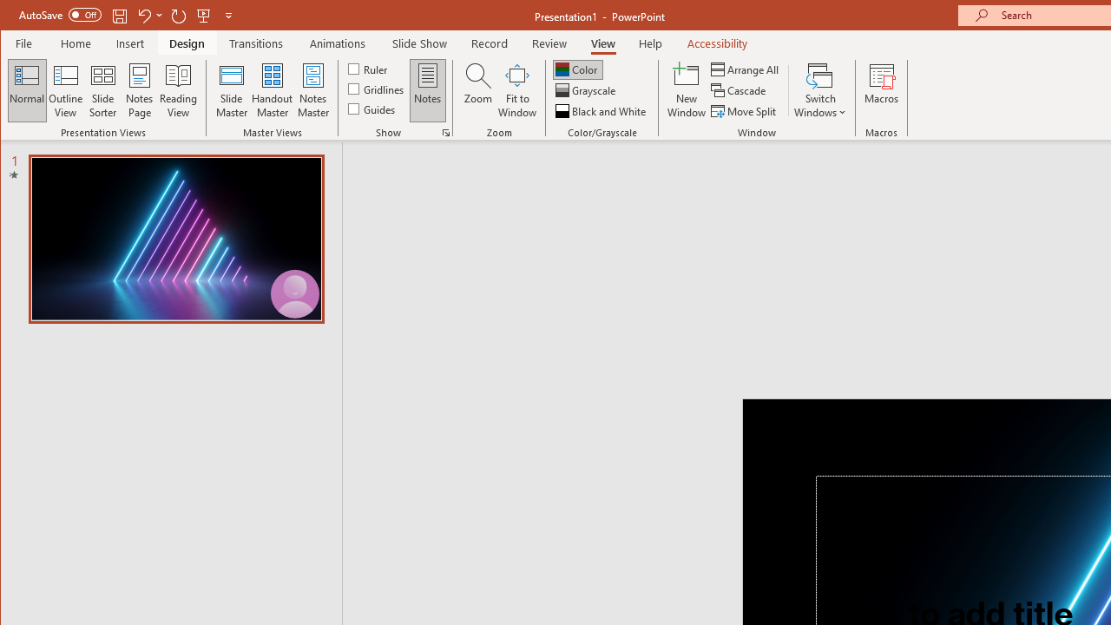  Describe the element at coordinates (230, 90) in the screenshot. I see `'Slide Master'` at that location.